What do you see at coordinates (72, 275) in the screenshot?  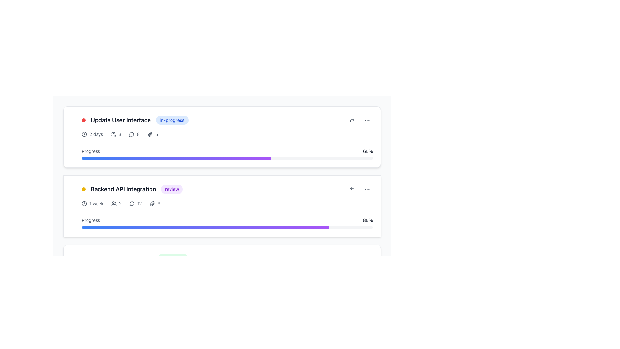 I see `the draggable handle located on the left side of the 'Backend API Integration' card` at bounding box center [72, 275].